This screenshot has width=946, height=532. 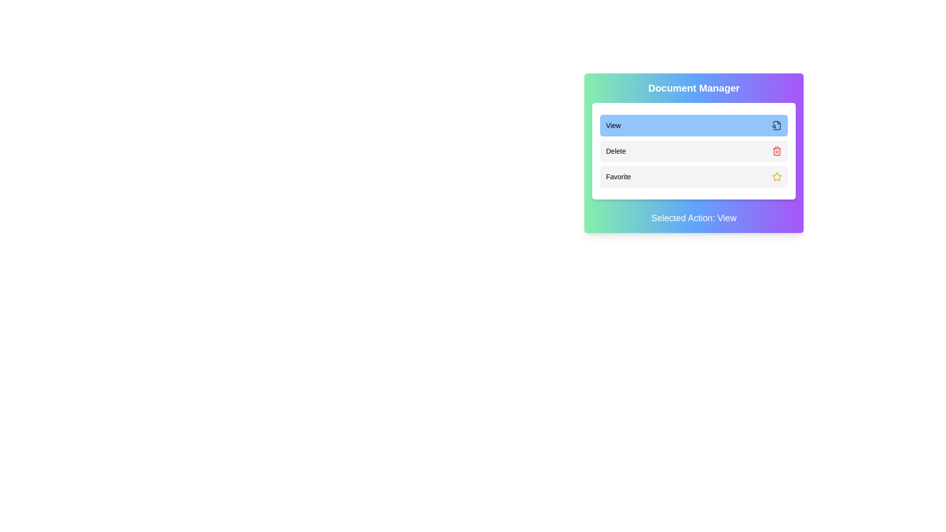 I want to click on the action View by clicking the corresponding button, so click(x=693, y=125).